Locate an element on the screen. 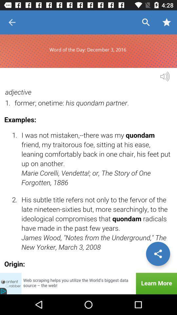  share is located at coordinates (158, 253).